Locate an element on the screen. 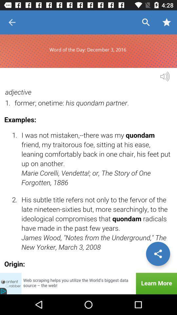  share is located at coordinates (158, 253).